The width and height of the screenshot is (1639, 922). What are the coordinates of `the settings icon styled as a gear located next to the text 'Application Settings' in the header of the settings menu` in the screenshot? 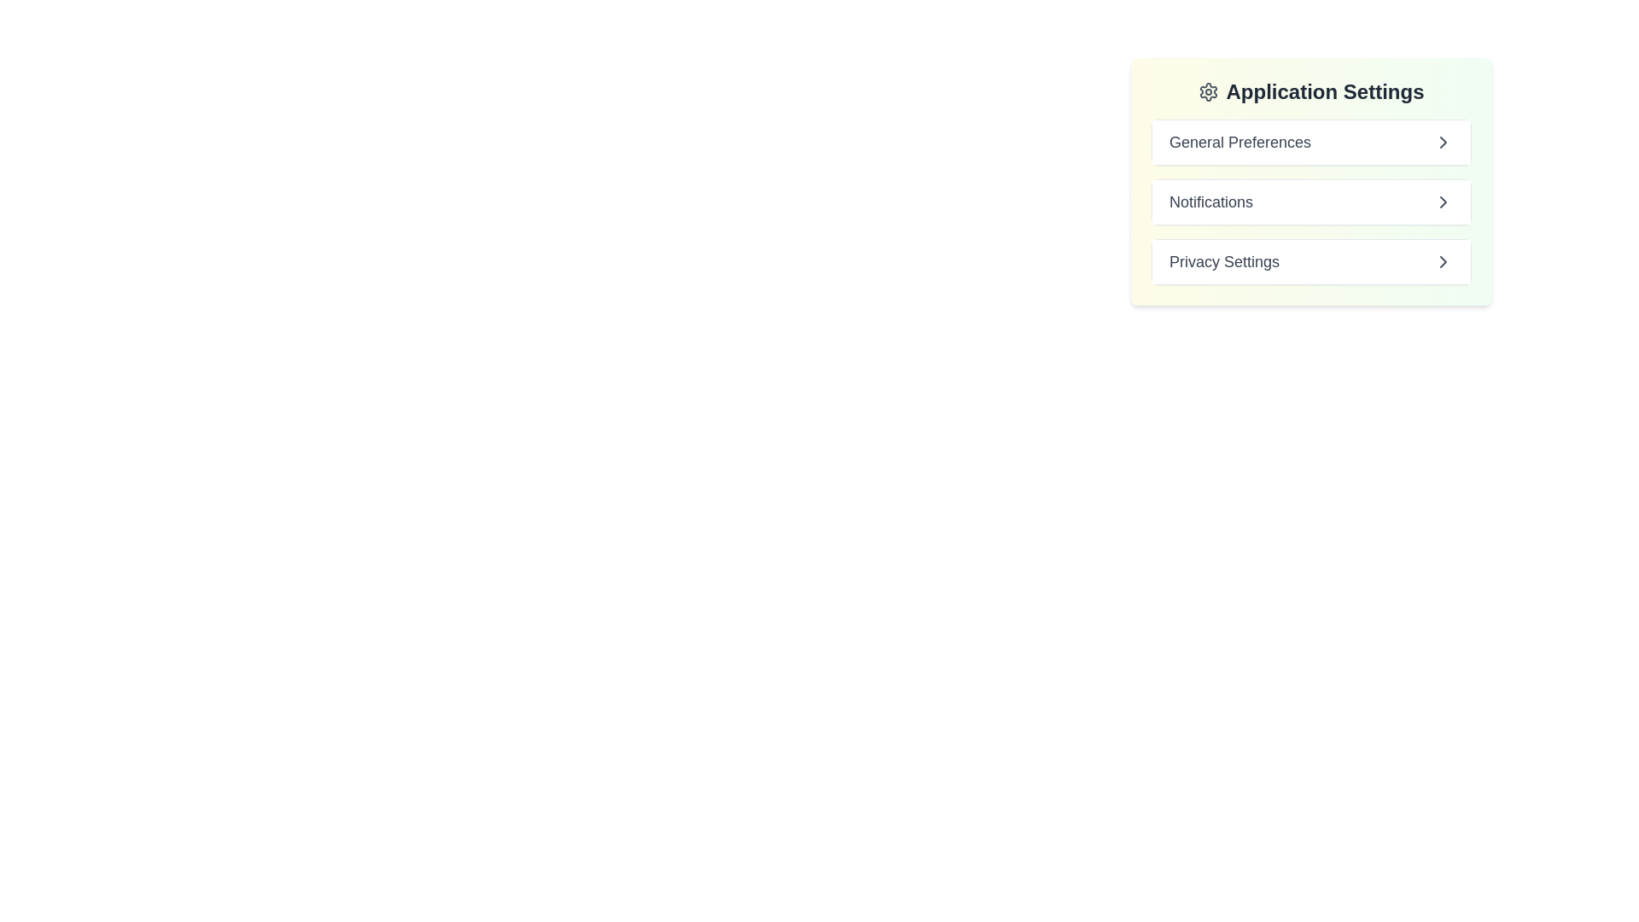 It's located at (1208, 92).